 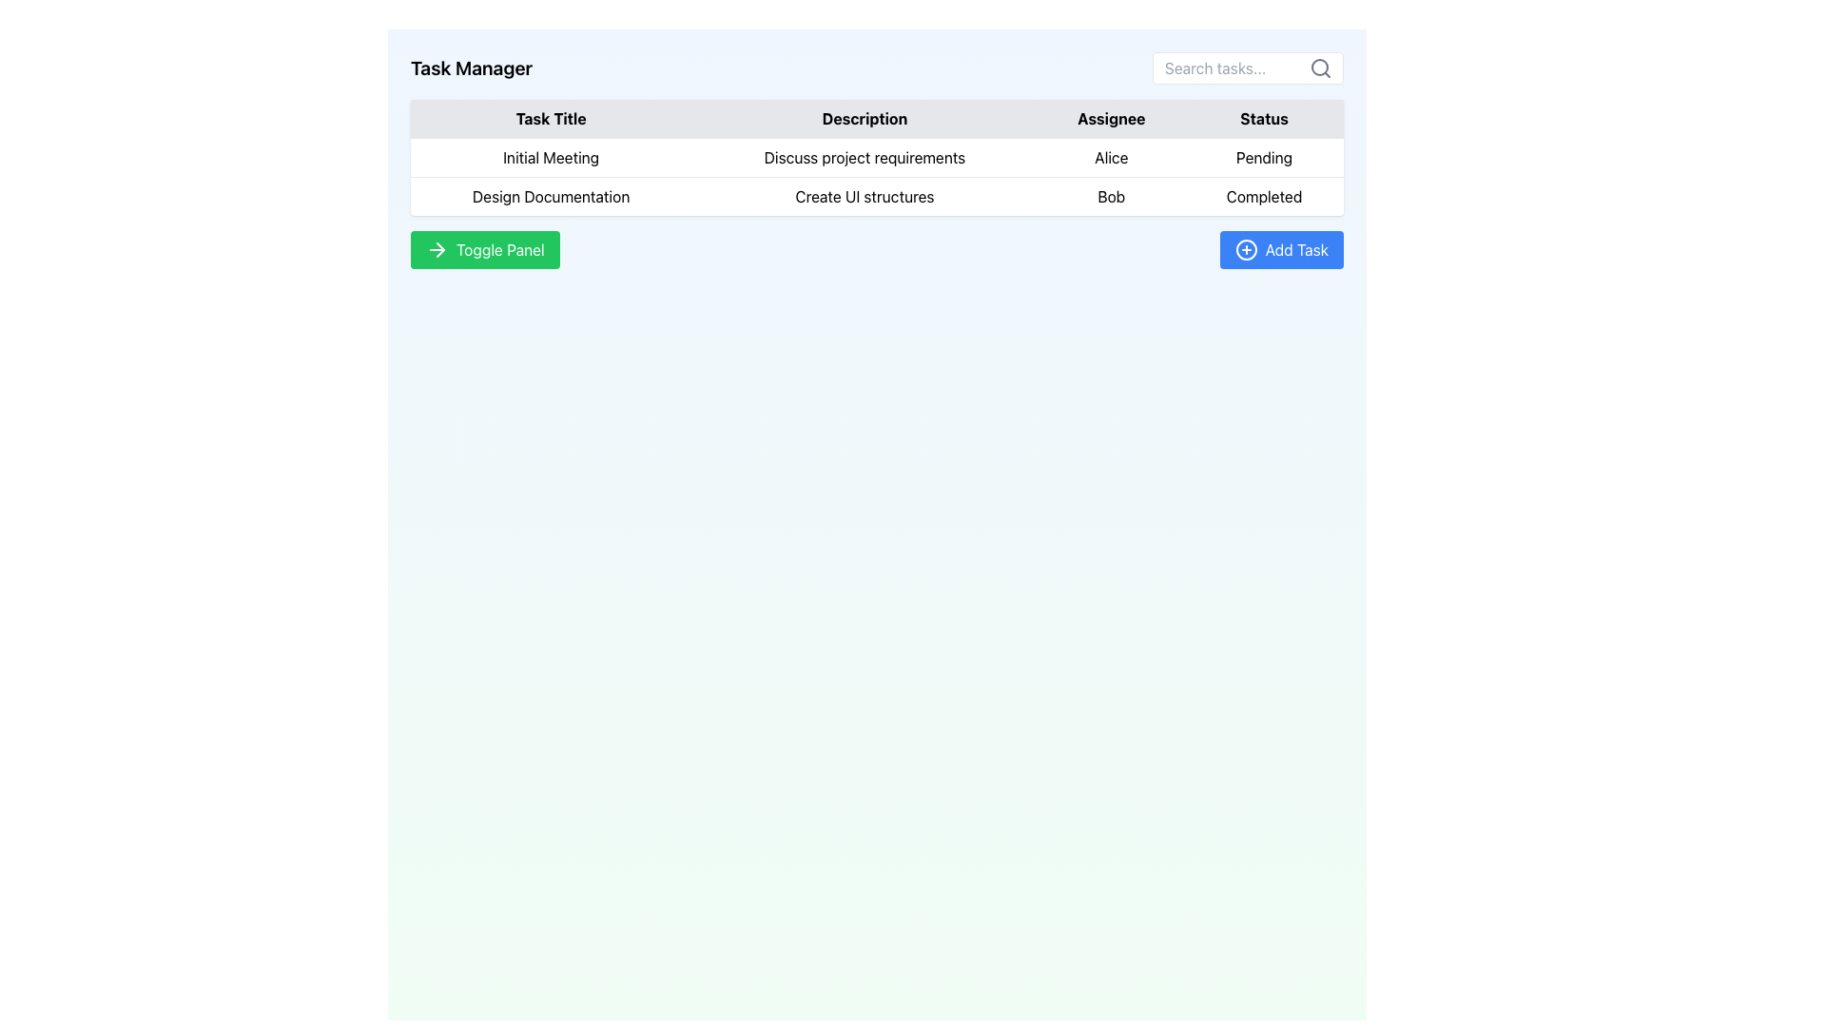 I want to click on the text label indicating the assignee 'Alice' for the task 'Initial Meeting' in the 'Task Manager' interface, so click(x=1111, y=156).